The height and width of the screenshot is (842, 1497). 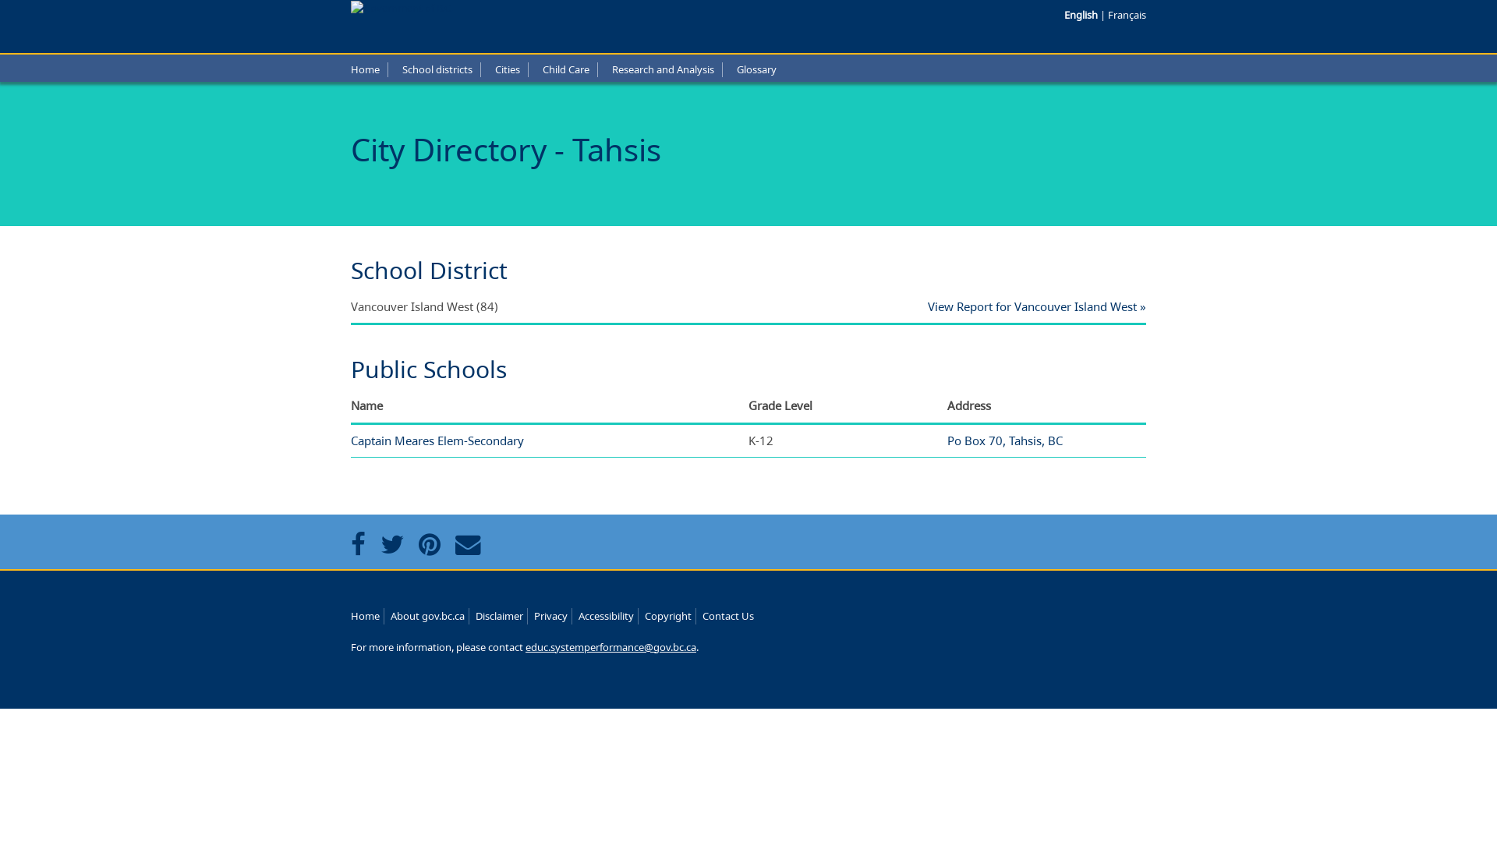 I want to click on 'Glossary', so click(x=756, y=68).